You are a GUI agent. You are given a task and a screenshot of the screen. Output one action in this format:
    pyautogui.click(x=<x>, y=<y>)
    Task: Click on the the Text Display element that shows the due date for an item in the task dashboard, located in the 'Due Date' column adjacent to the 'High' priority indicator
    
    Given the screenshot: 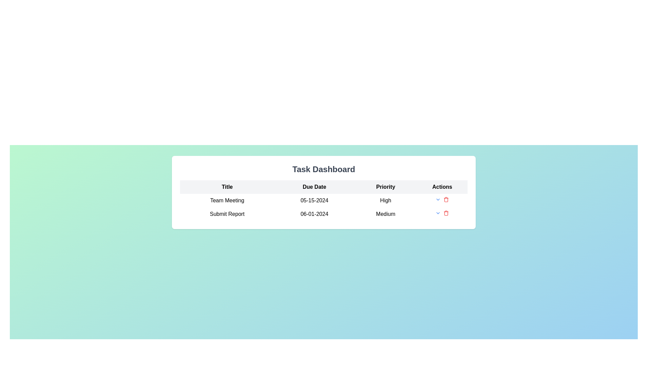 What is the action you would take?
    pyautogui.click(x=314, y=200)
    